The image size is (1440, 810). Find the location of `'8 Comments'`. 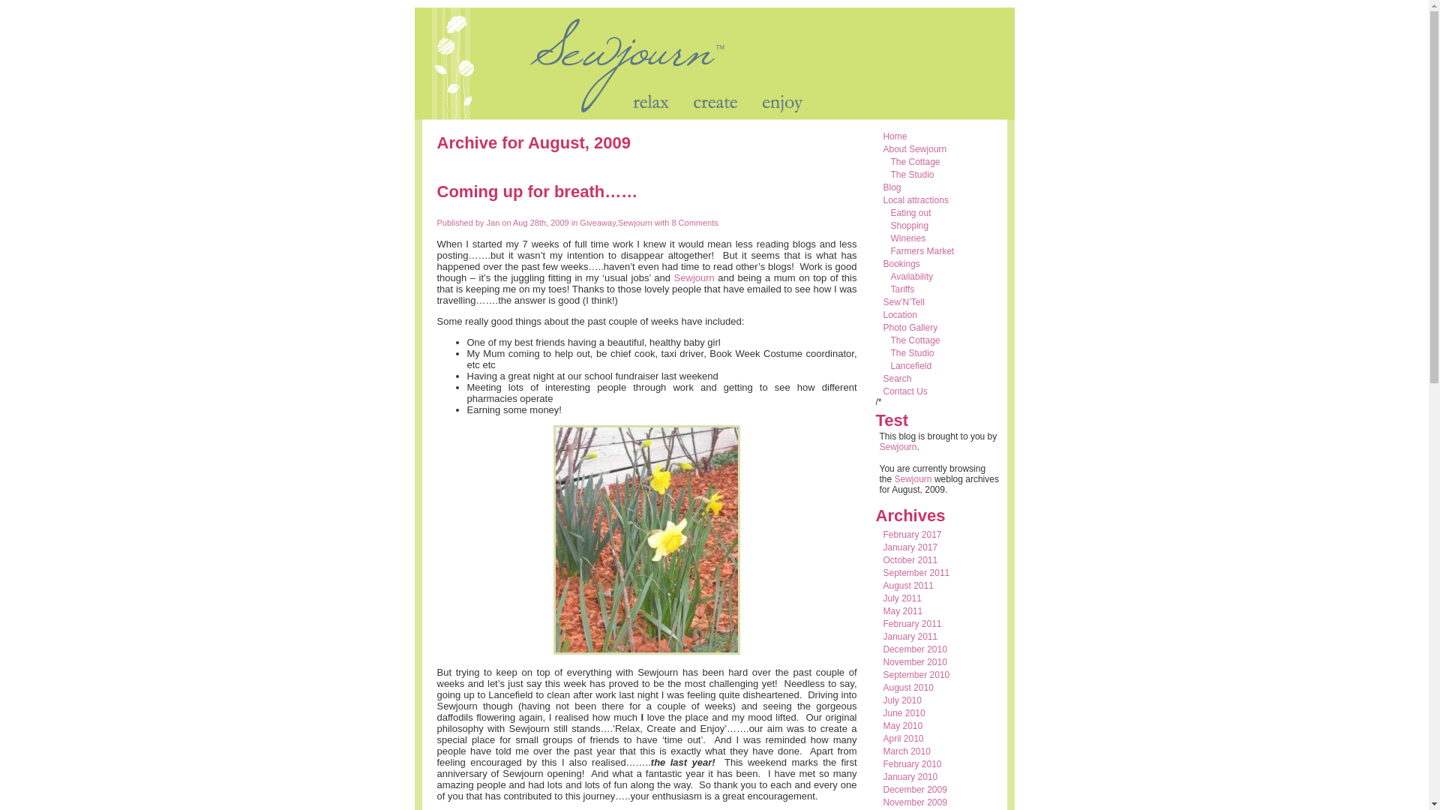

'8 Comments' is located at coordinates (692, 223).